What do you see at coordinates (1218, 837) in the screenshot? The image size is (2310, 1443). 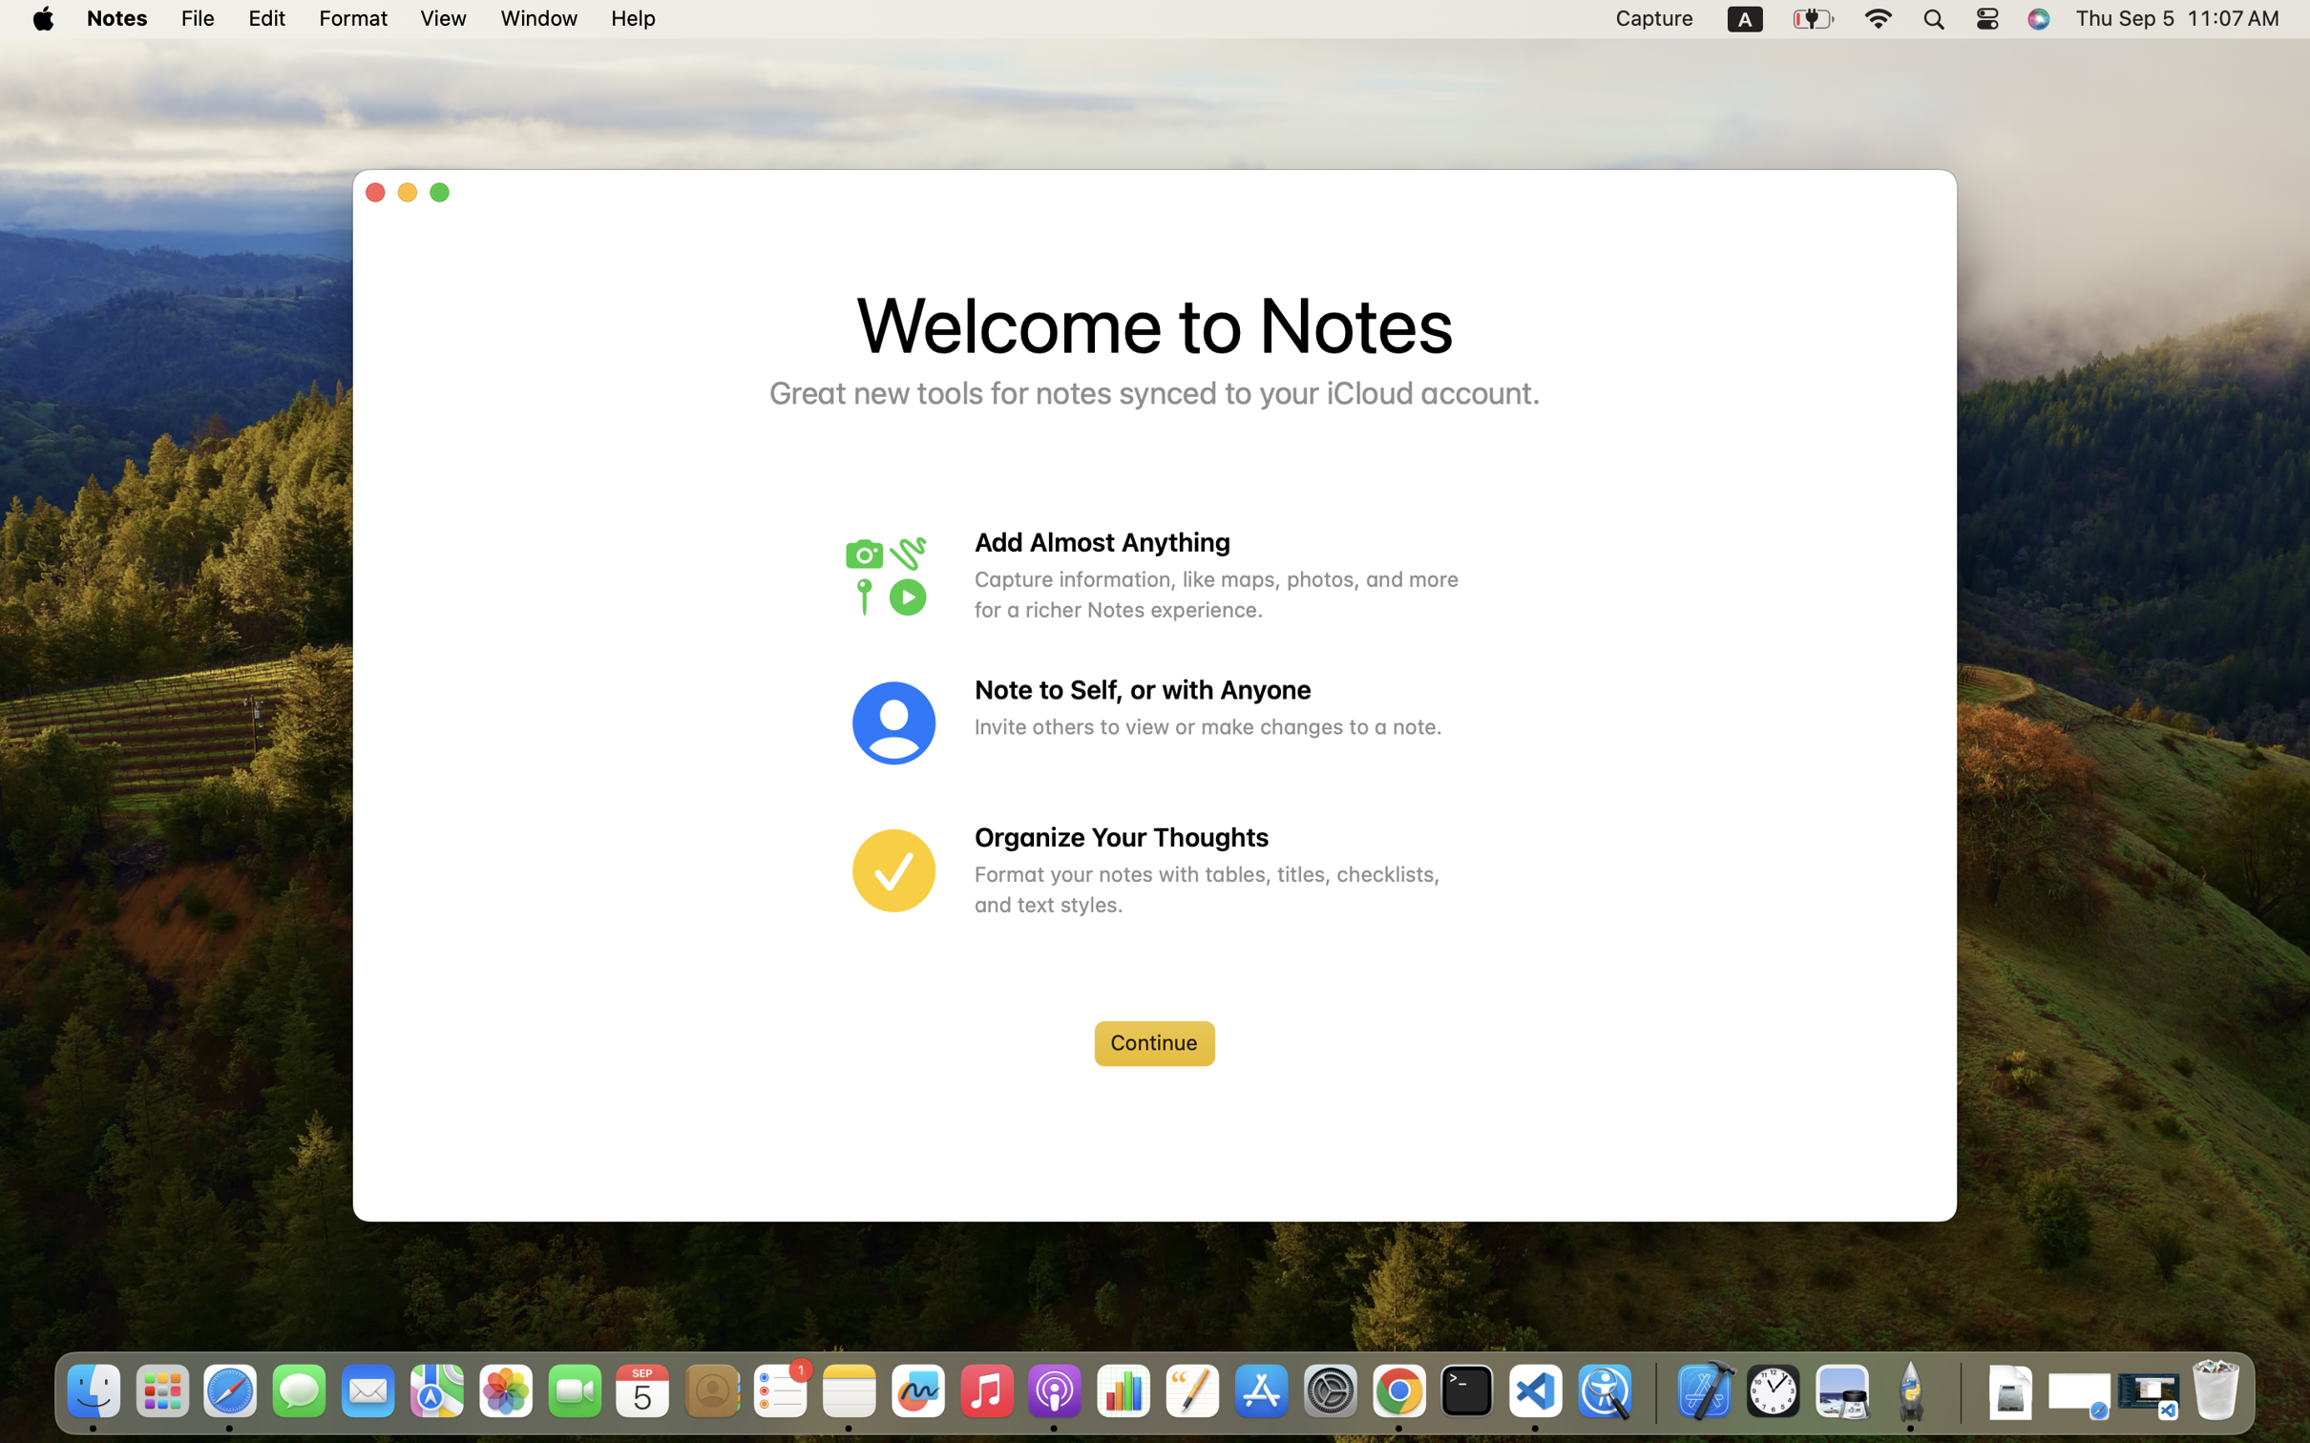 I see `'Organize Your Thoughts'` at bounding box center [1218, 837].